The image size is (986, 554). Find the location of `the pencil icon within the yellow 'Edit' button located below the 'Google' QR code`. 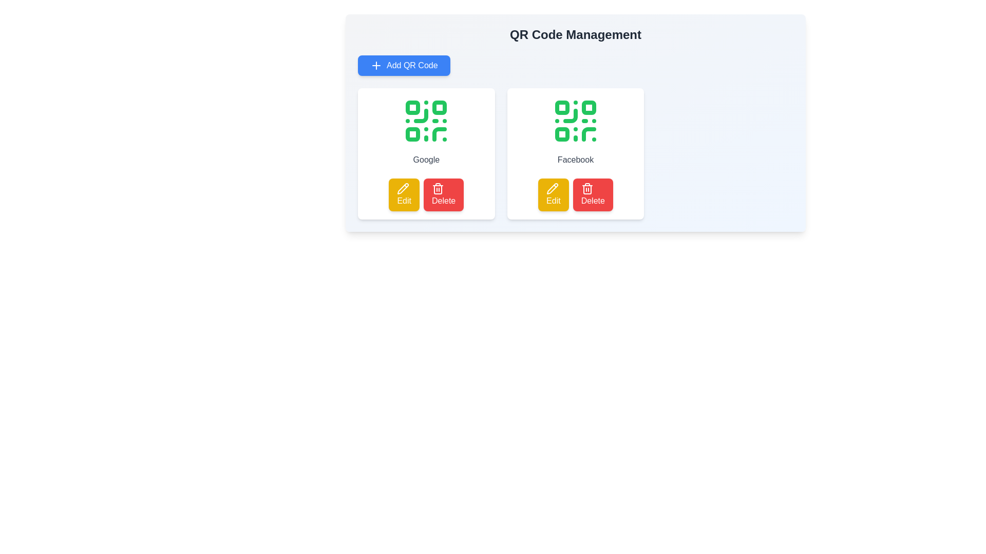

the pencil icon within the yellow 'Edit' button located below the 'Google' QR code is located at coordinates (403, 188).